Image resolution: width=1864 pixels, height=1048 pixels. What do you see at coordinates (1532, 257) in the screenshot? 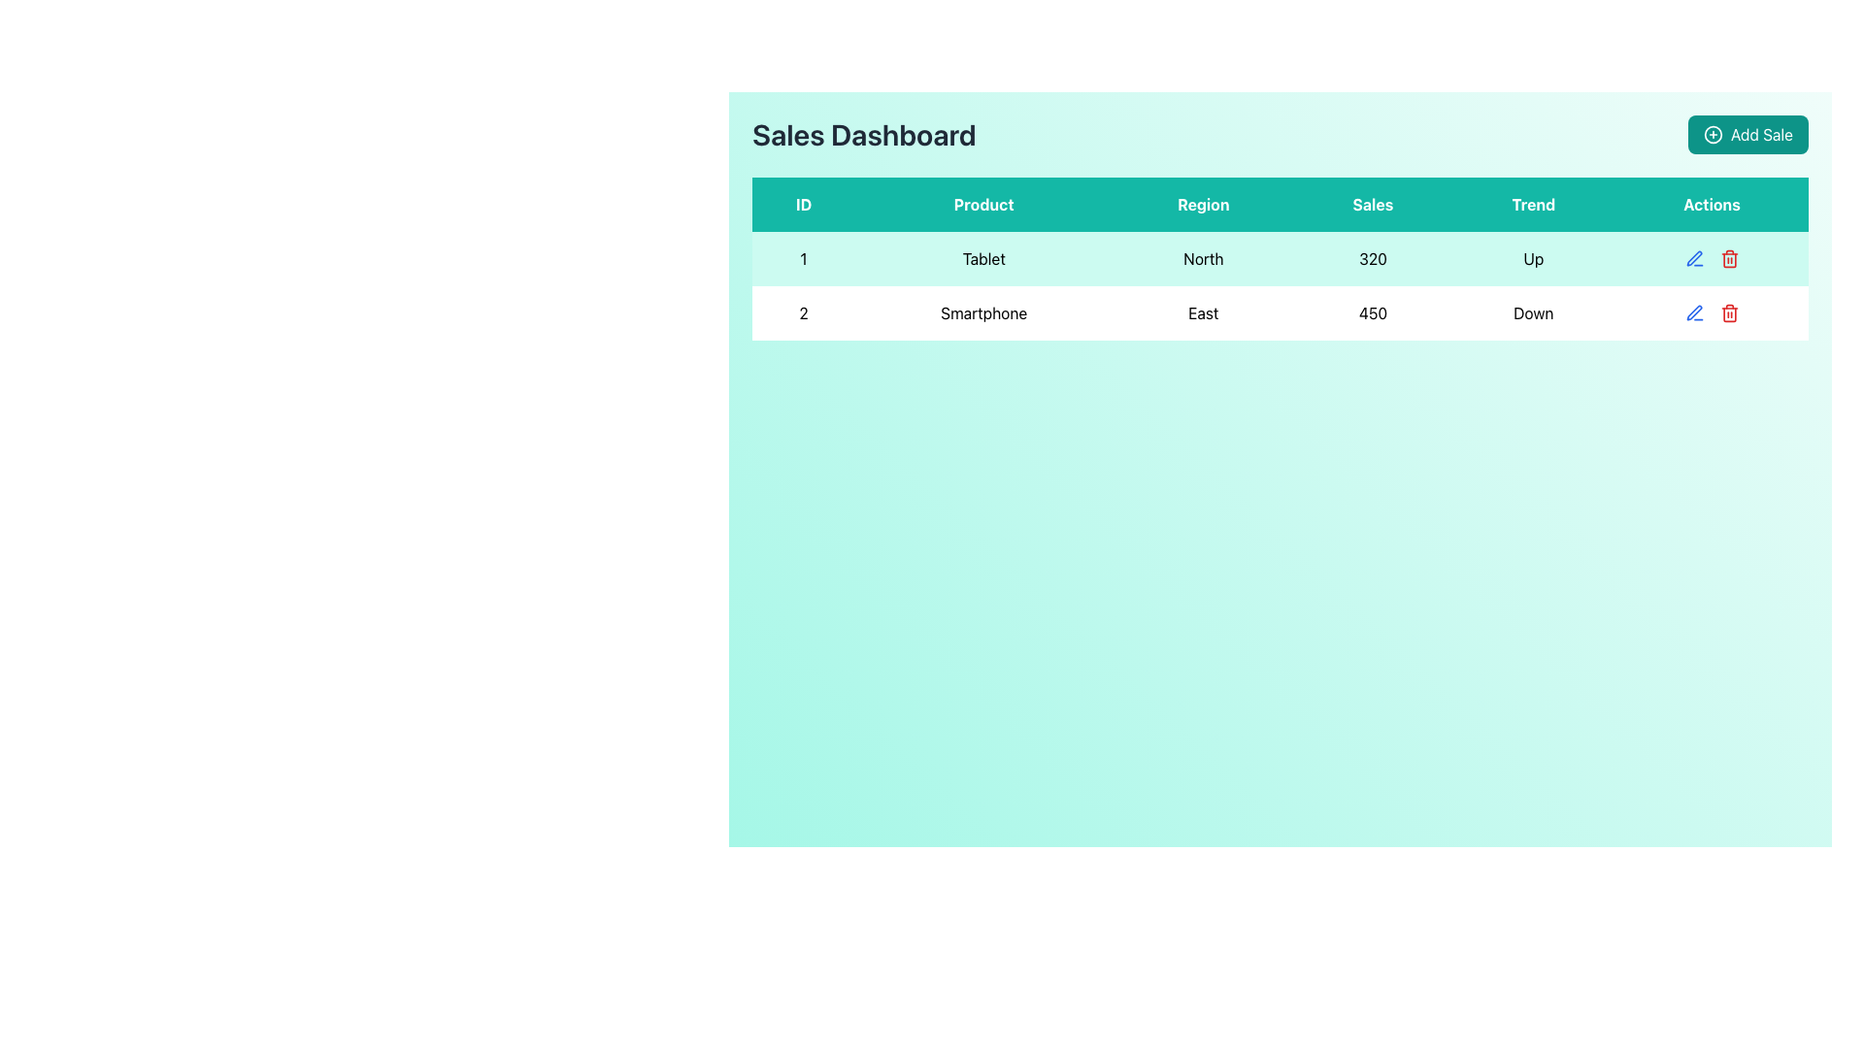
I see `the 'Upward' trend status text label located in the first row of the tabular layout under the 'Trend' column, positioned between the 'Sales' and 'Actions' columns` at bounding box center [1532, 257].